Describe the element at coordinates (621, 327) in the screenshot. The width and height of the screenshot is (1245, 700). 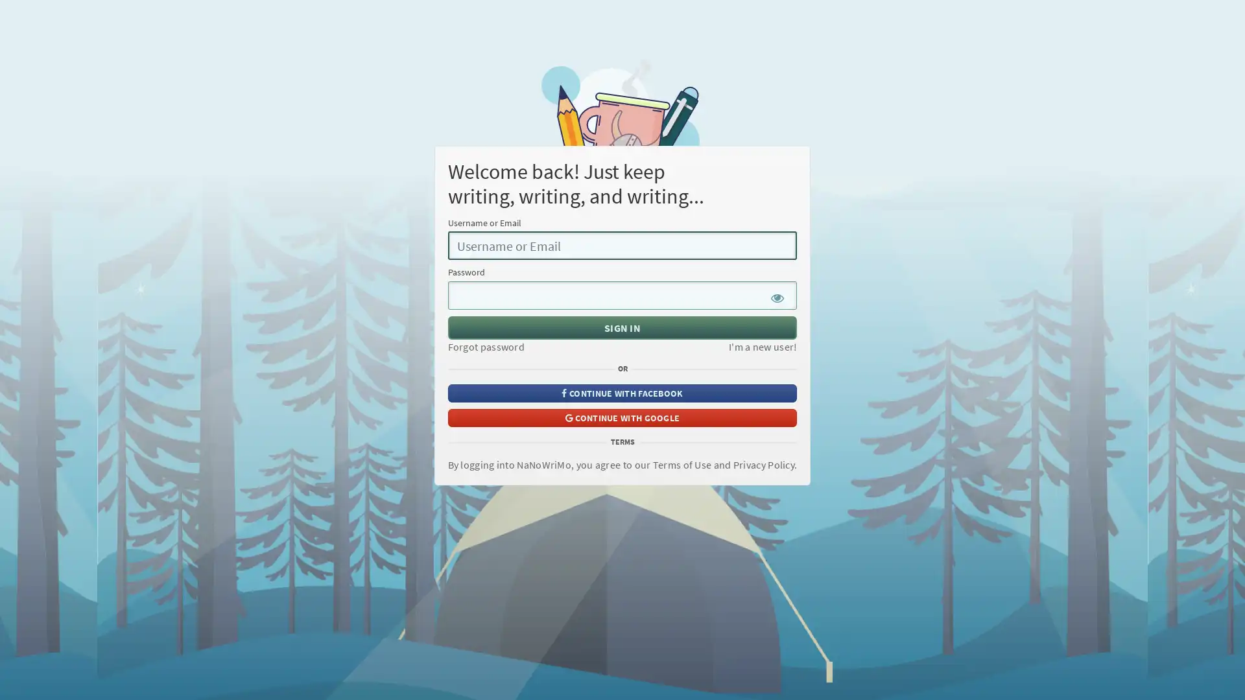
I see `SIGN IN` at that location.